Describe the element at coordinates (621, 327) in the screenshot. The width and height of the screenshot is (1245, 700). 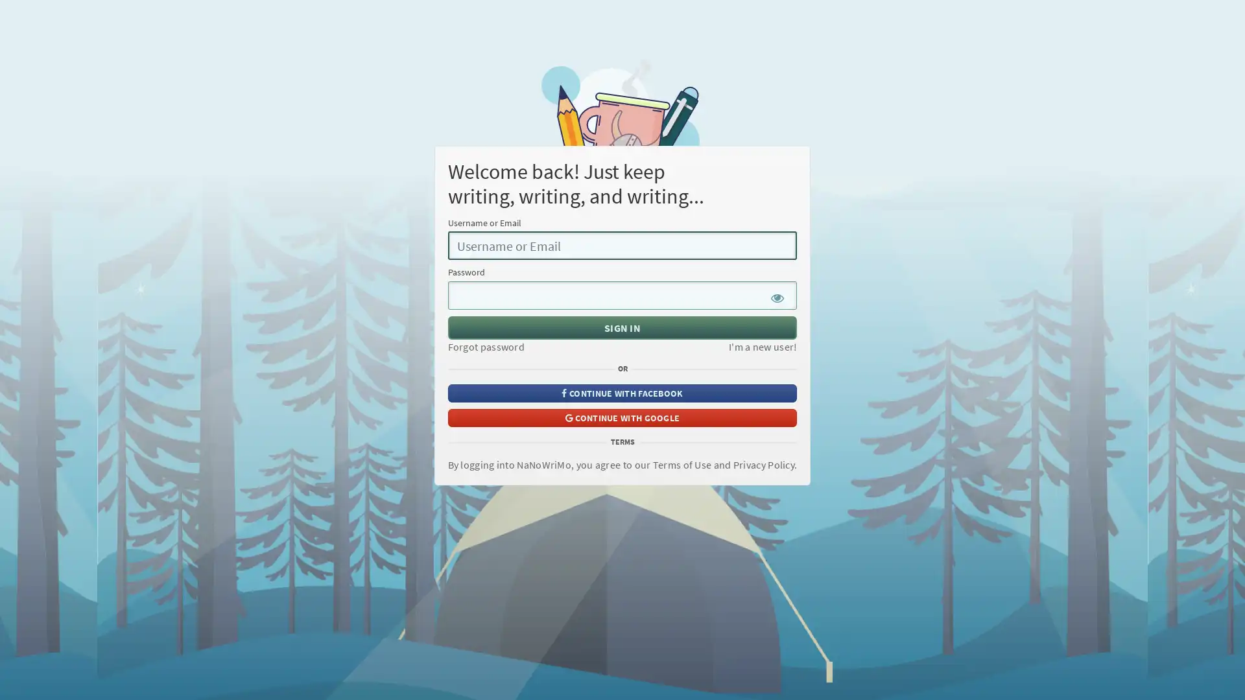
I see `SIGN IN` at that location.